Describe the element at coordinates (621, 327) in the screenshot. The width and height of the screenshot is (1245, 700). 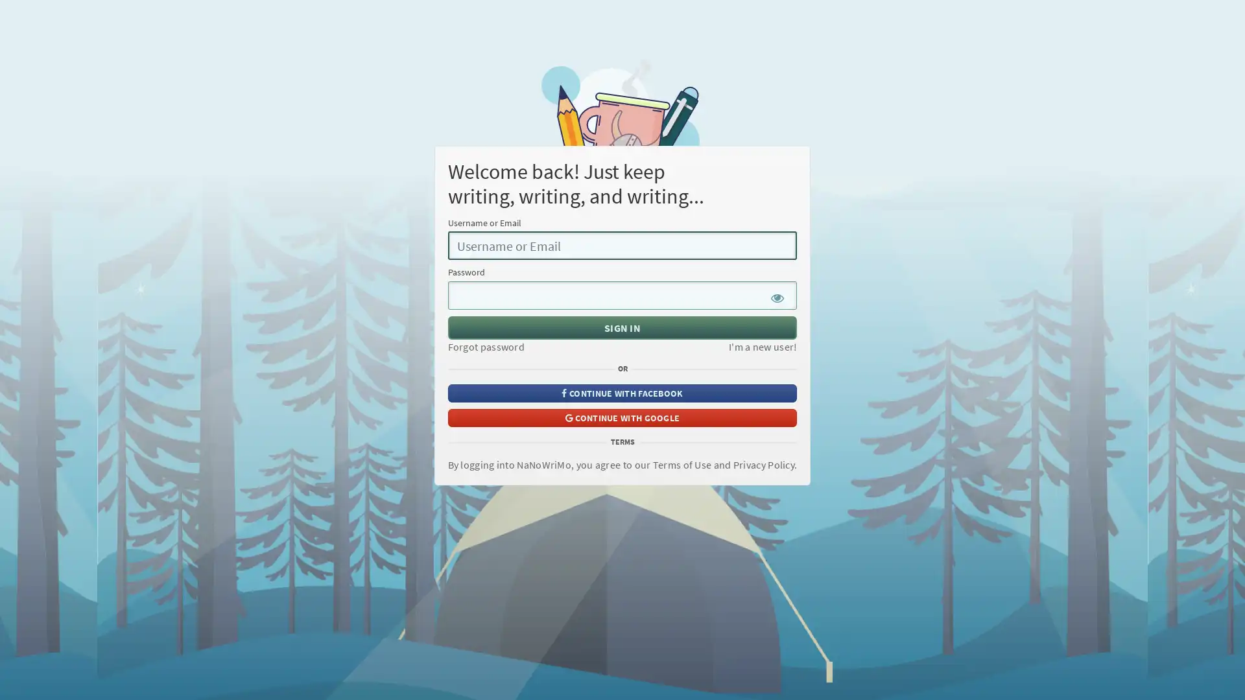
I see `SIGN IN` at that location.